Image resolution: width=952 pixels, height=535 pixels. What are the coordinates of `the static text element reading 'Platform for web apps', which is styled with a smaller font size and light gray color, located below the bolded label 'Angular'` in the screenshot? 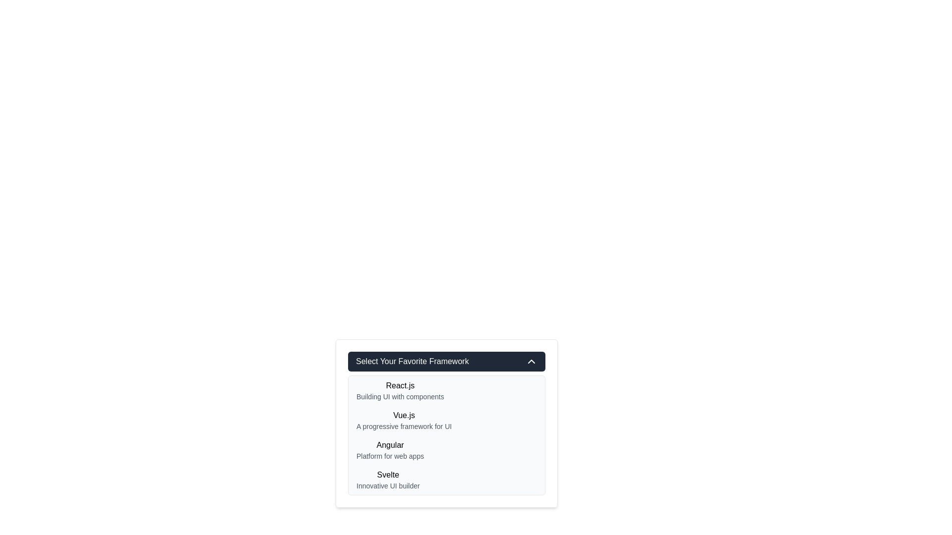 It's located at (390, 456).